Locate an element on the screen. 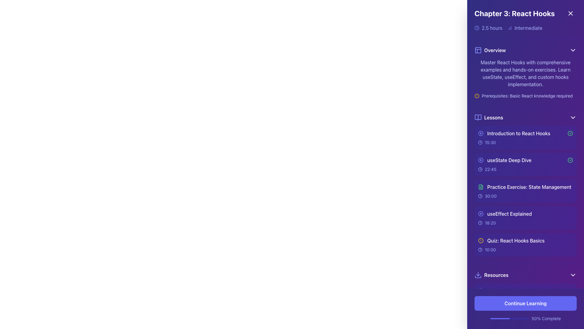  the play button icon located to the left of the 'useEffect Explained' lesson in the sidebar is located at coordinates (480, 214).